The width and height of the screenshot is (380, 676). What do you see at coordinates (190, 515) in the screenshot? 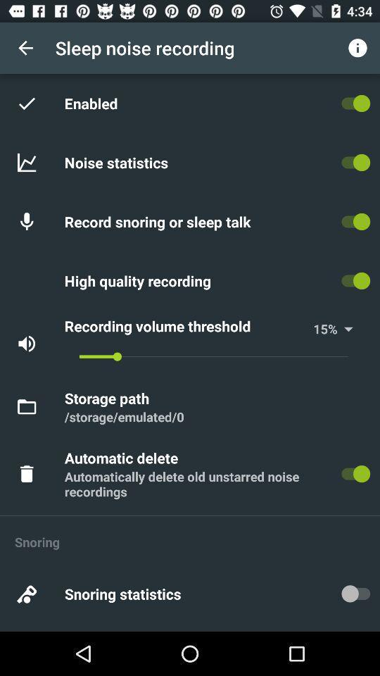
I see `the icon below the automatically delete old` at bounding box center [190, 515].